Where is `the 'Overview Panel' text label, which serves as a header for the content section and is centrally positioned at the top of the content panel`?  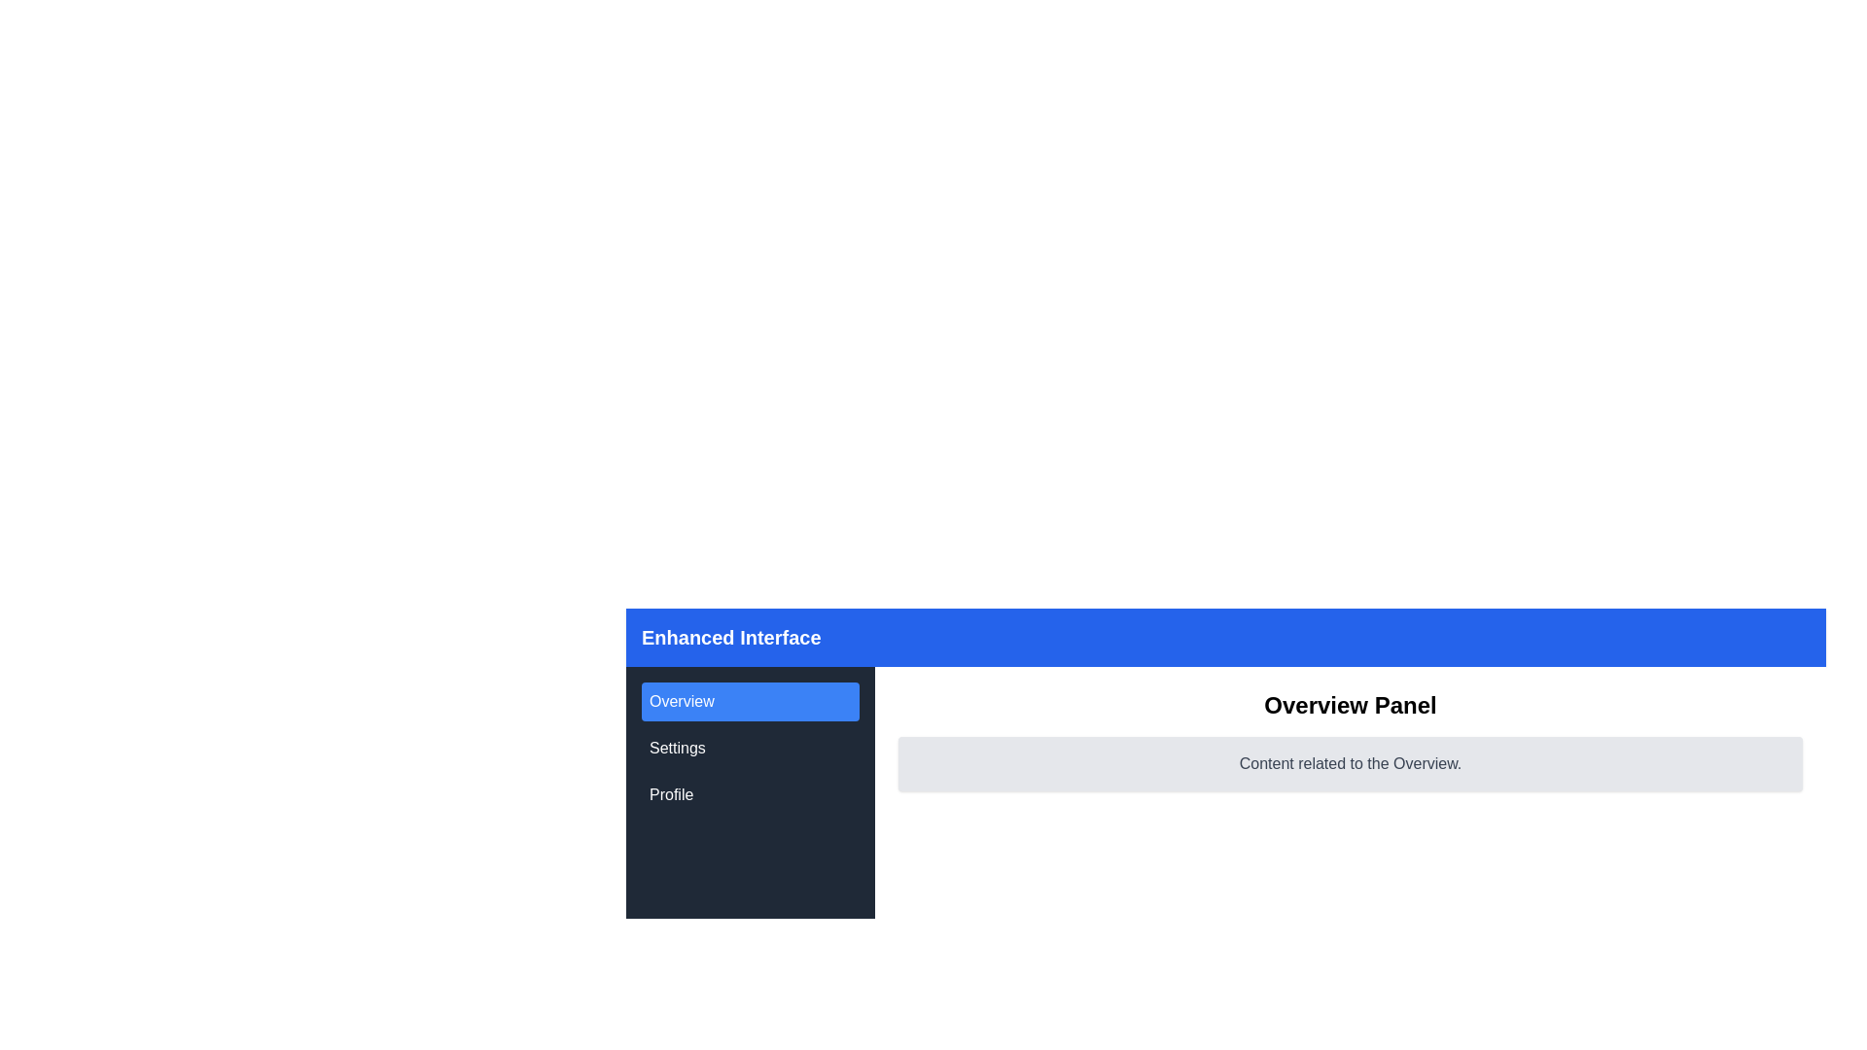
the 'Overview Panel' text label, which serves as a header for the content section and is centrally positioned at the top of the content panel is located at coordinates (1349, 705).